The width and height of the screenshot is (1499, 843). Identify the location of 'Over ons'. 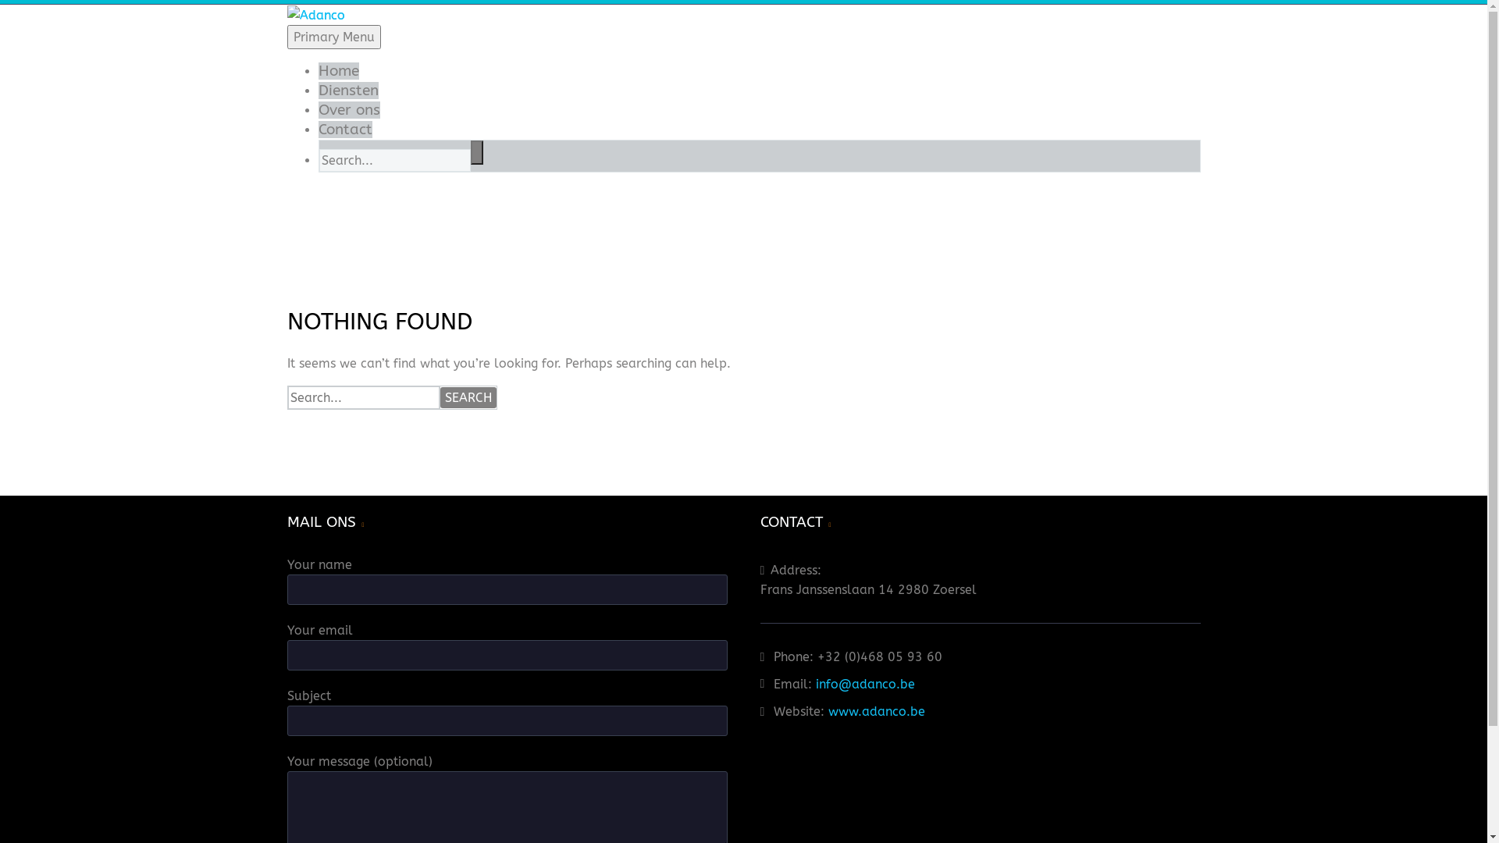
(348, 109).